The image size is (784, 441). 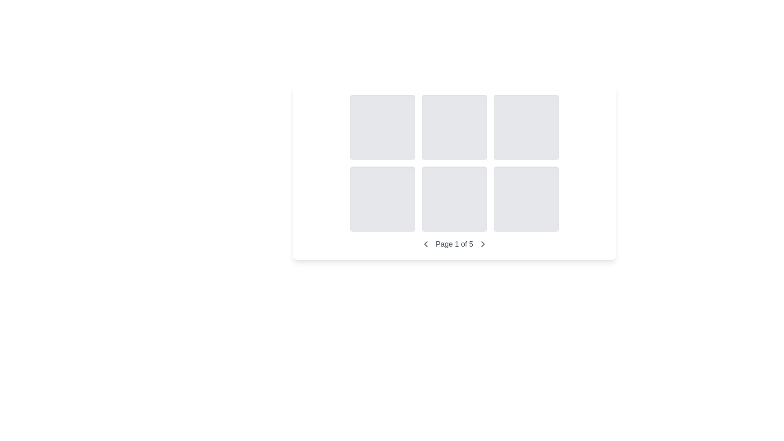 I want to click on the left-pointing chevron icon styled in gray located to the left of the text 'Page 1 of 5', so click(x=425, y=243).